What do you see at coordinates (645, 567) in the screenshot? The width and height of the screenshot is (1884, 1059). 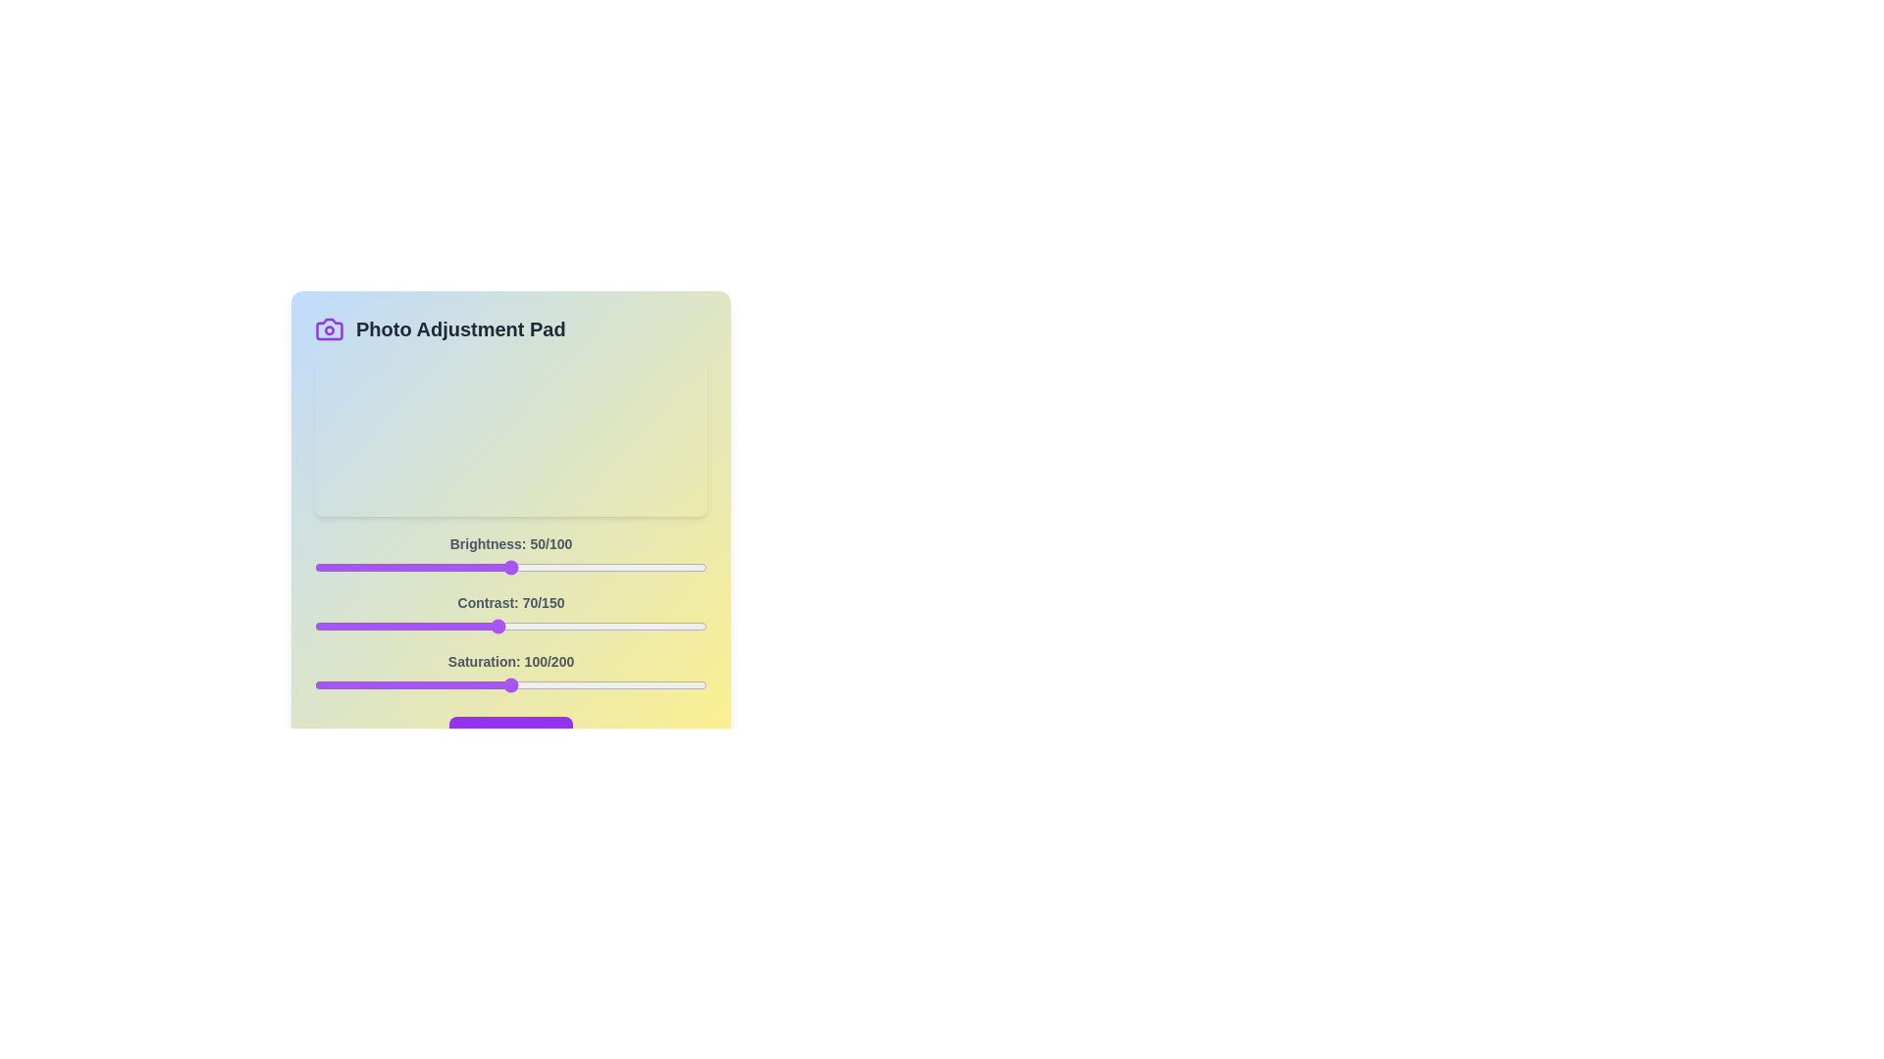 I see `the 0 slider to 84` at bounding box center [645, 567].